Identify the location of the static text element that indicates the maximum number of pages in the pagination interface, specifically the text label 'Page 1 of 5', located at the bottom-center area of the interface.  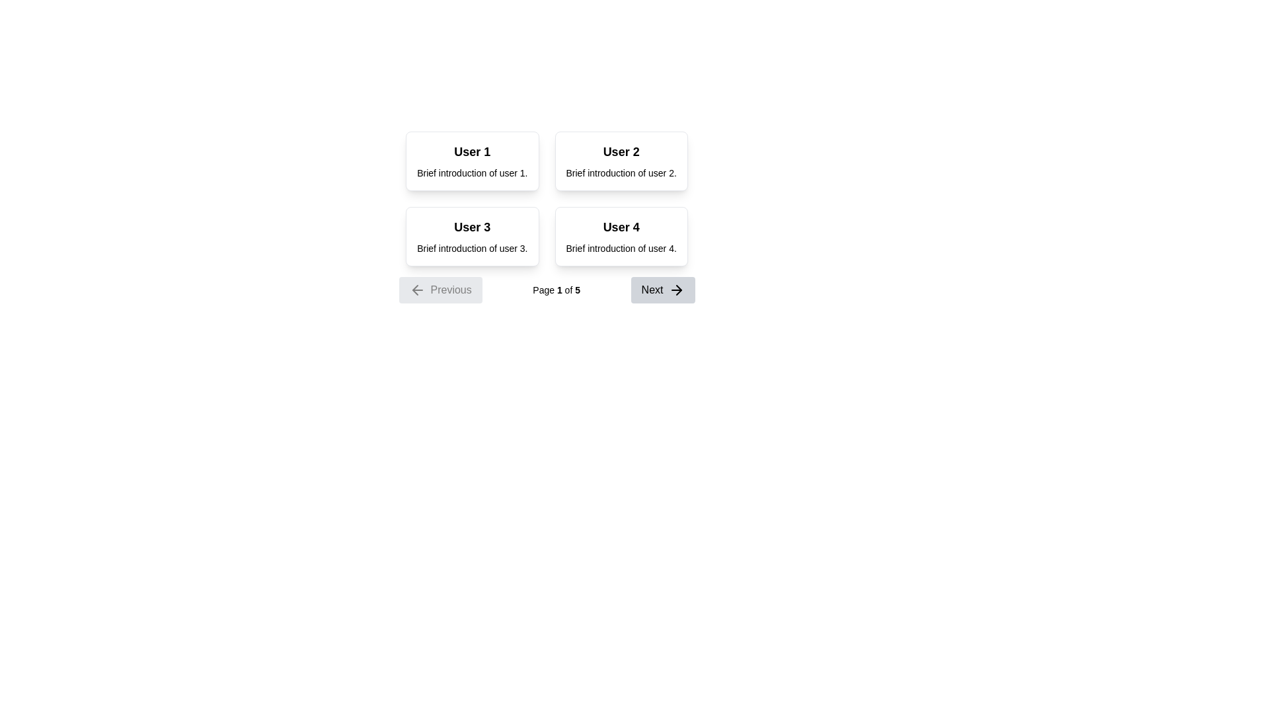
(578, 290).